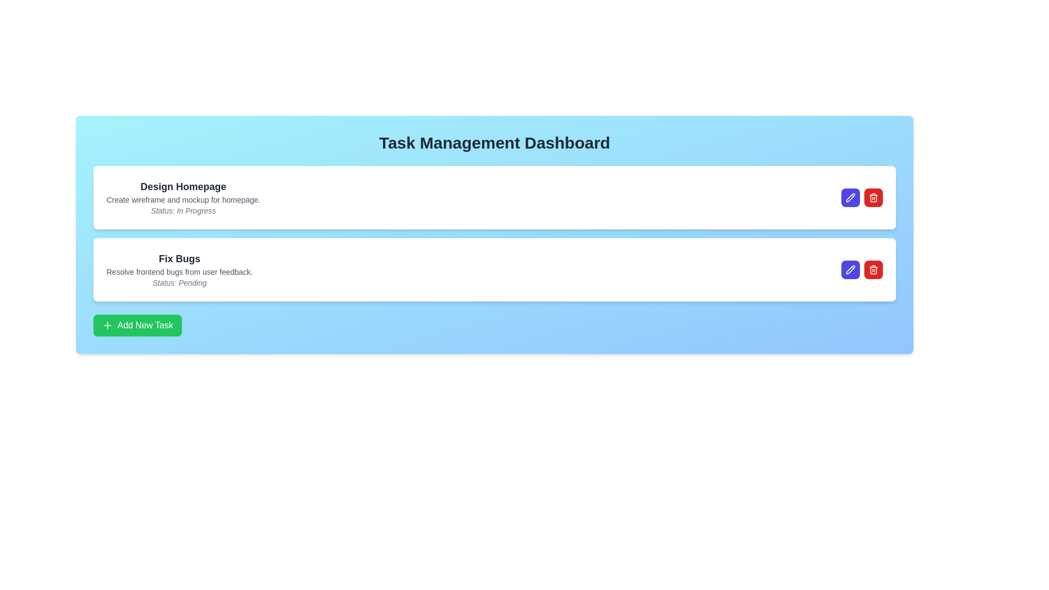  What do you see at coordinates (862, 198) in the screenshot?
I see `the buttons in the horizontal control panel located at the right side of the 'Design Homepage' task item` at bounding box center [862, 198].